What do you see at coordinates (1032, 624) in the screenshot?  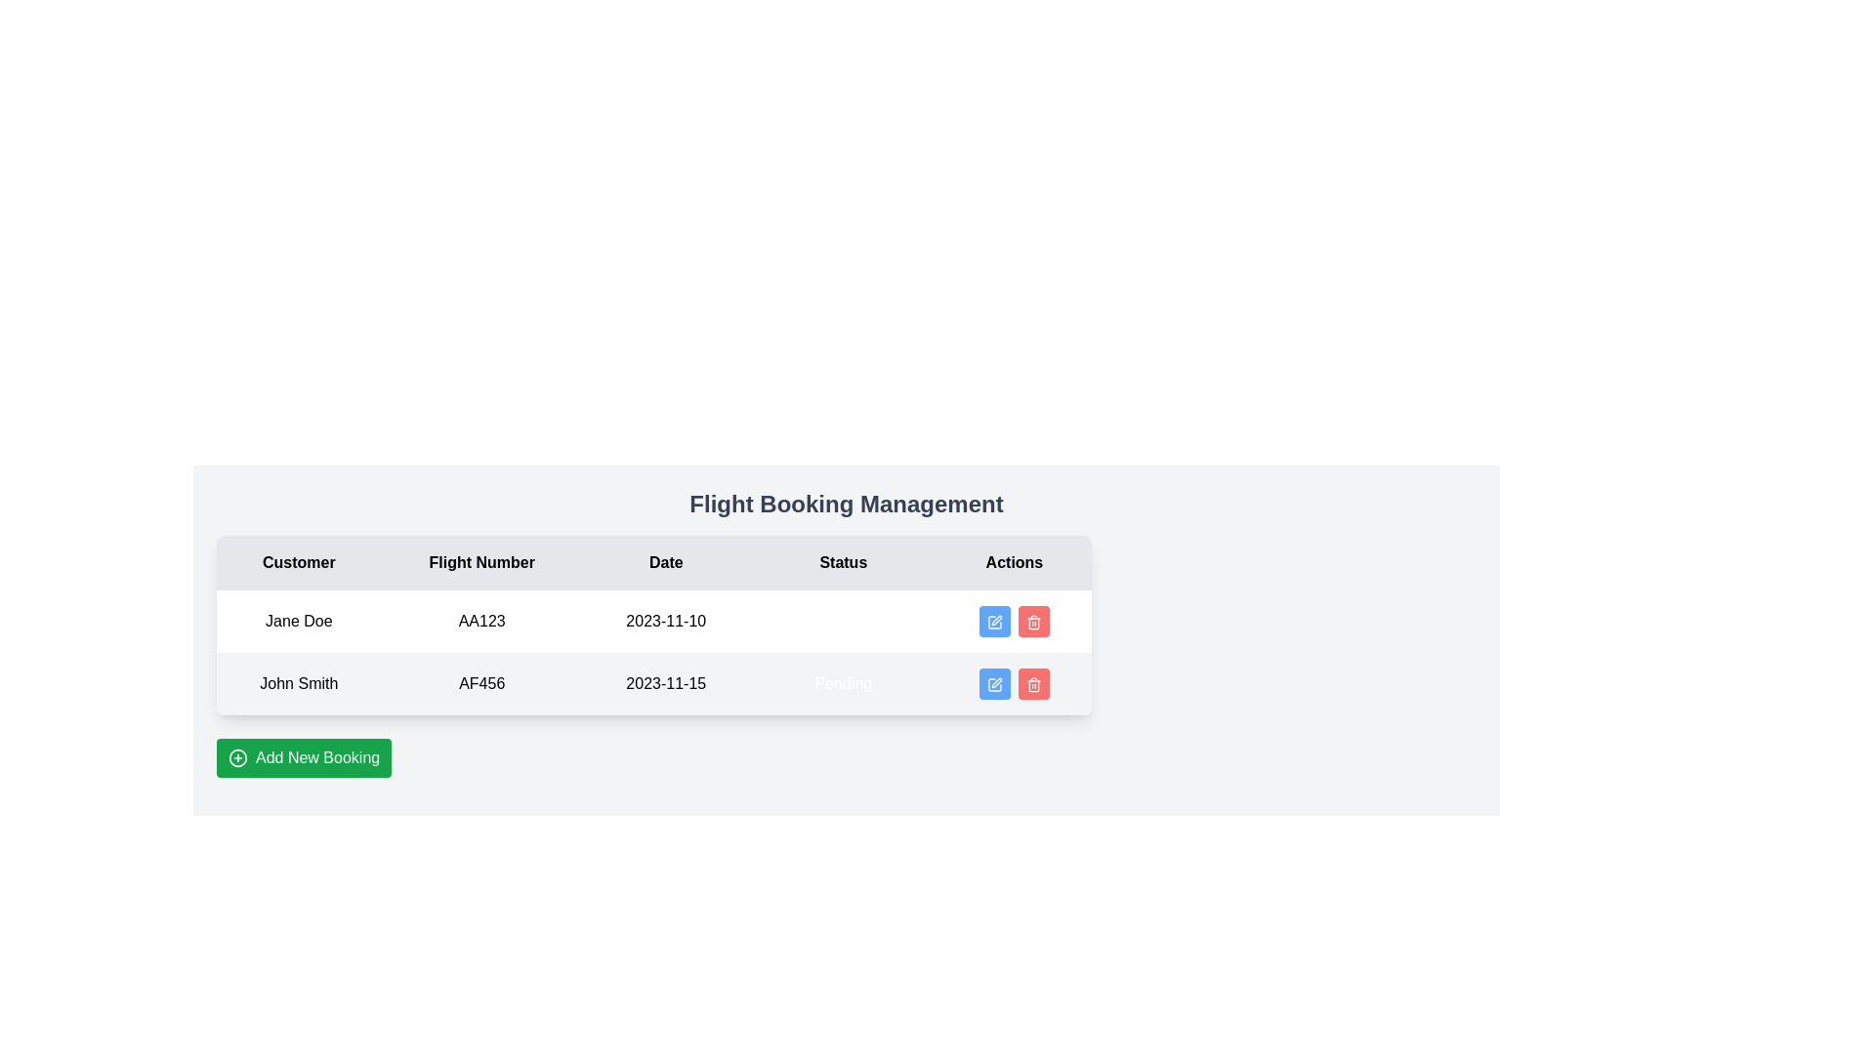 I see `the trash bin icon element located in the 'Actions' column of the 'Flight Booking Management' table, specifically in the last column of the second row` at bounding box center [1032, 624].